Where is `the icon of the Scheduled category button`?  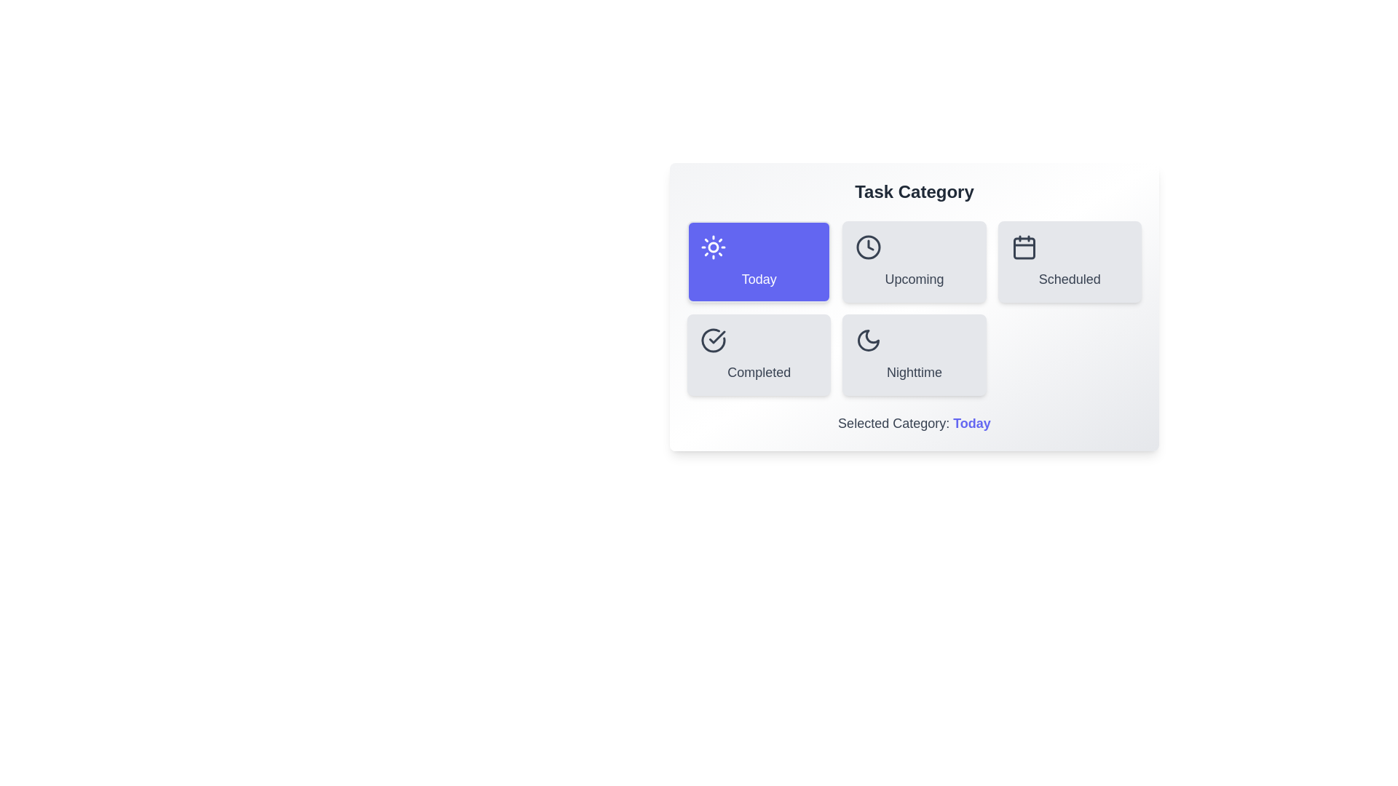 the icon of the Scheduled category button is located at coordinates (1023, 246).